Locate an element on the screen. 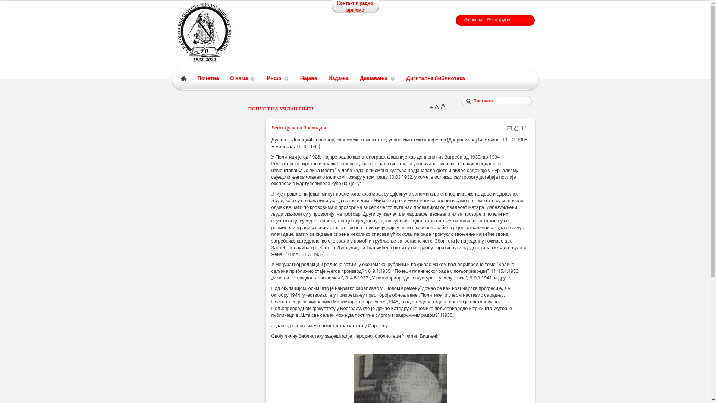 Image resolution: width=716 pixels, height=403 pixels. 'A' is located at coordinates (430, 107).